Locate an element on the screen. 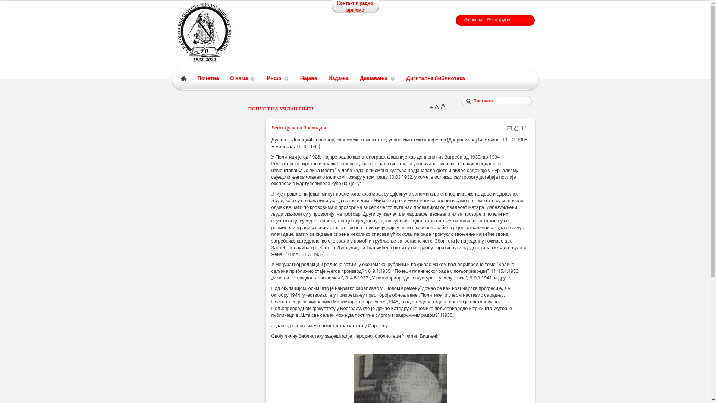 Image resolution: width=716 pixels, height=403 pixels. 'A' is located at coordinates (430, 107).